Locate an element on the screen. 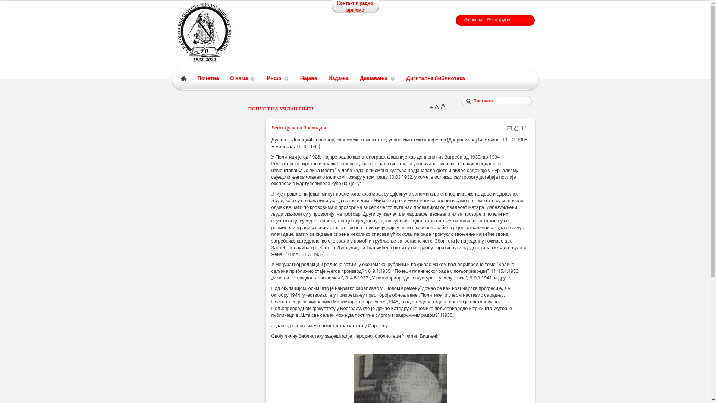 Image resolution: width=716 pixels, height=403 pixels. 'A' is located at coordinates (430, 107).